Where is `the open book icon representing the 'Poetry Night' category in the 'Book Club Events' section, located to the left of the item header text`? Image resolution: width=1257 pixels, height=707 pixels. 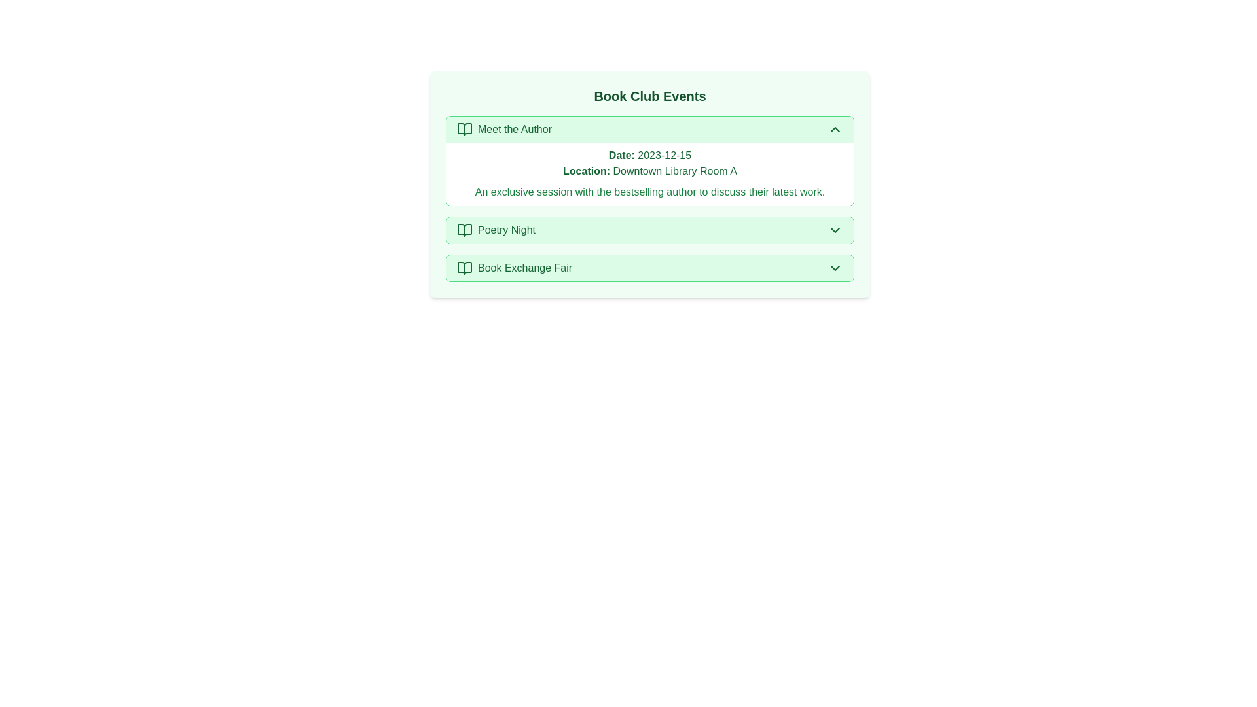 the open book icon representing the 'Poetry Night' category in the 'Book Club Events' section, located to the left of the item header text is located at coordinates (465, 229).